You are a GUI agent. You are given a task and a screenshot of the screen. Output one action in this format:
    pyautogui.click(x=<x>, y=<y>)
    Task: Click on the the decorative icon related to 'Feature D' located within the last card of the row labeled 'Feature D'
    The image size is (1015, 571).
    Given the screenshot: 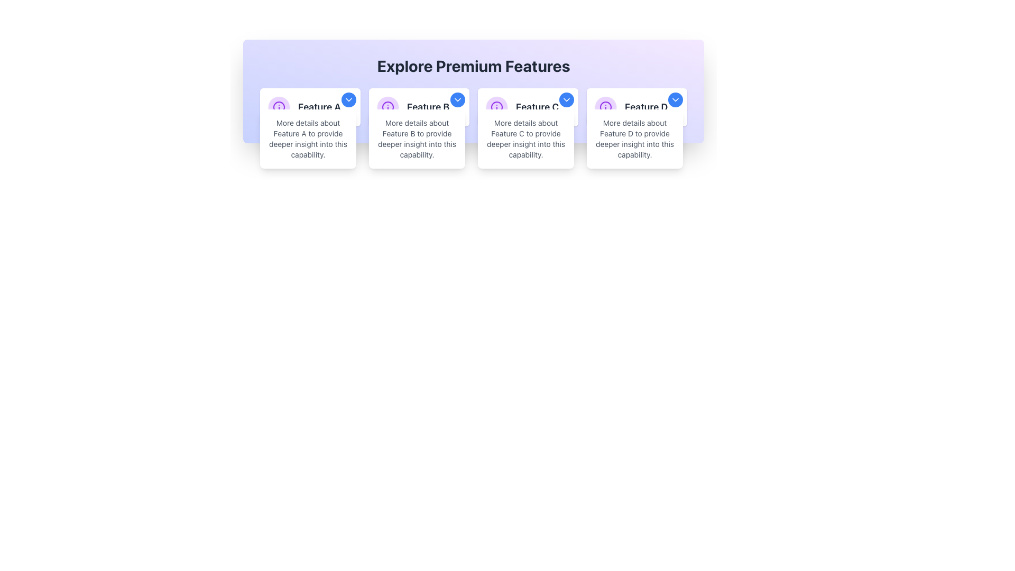 What is the action you would take?
    pyautogui.click(x=606, y=107)
    